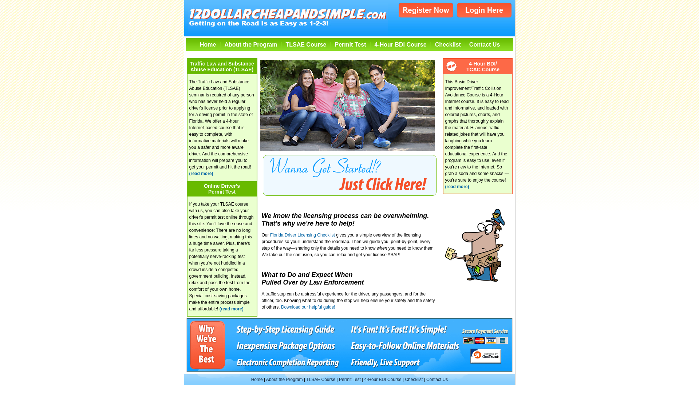  I want to click on 'Contact Us', so click(484, 44).